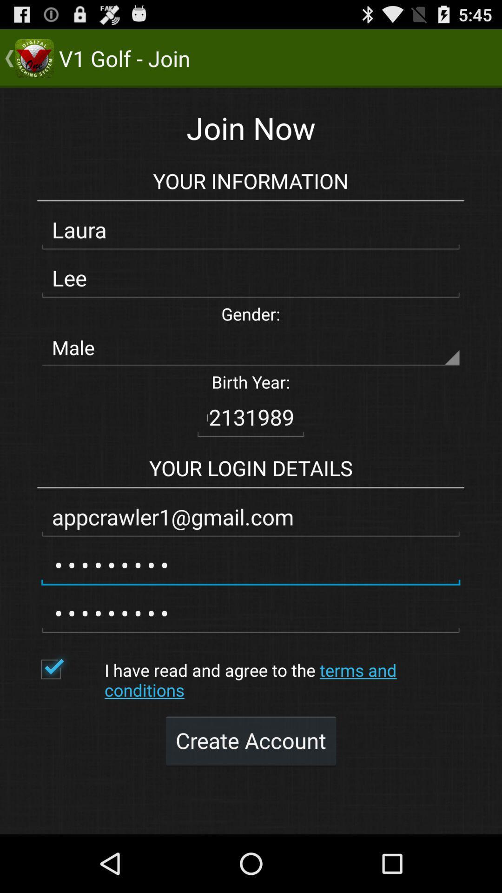 The image size is (502, 893). Describe the element at coordinates (67, 669) in the screenshot. I see `check to accept the terms` at that location.